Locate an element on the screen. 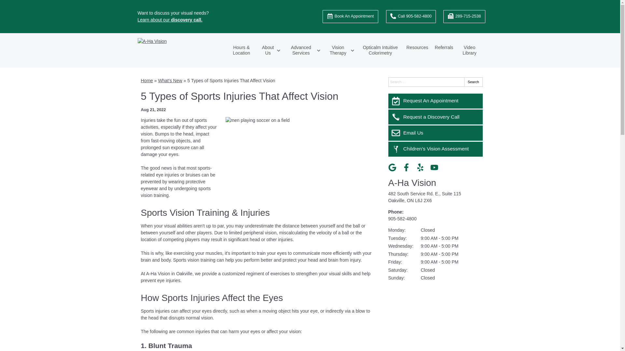 The height and width of the screenshot is (351, 625). 'Referrals' is located at coordinates (431, 47).